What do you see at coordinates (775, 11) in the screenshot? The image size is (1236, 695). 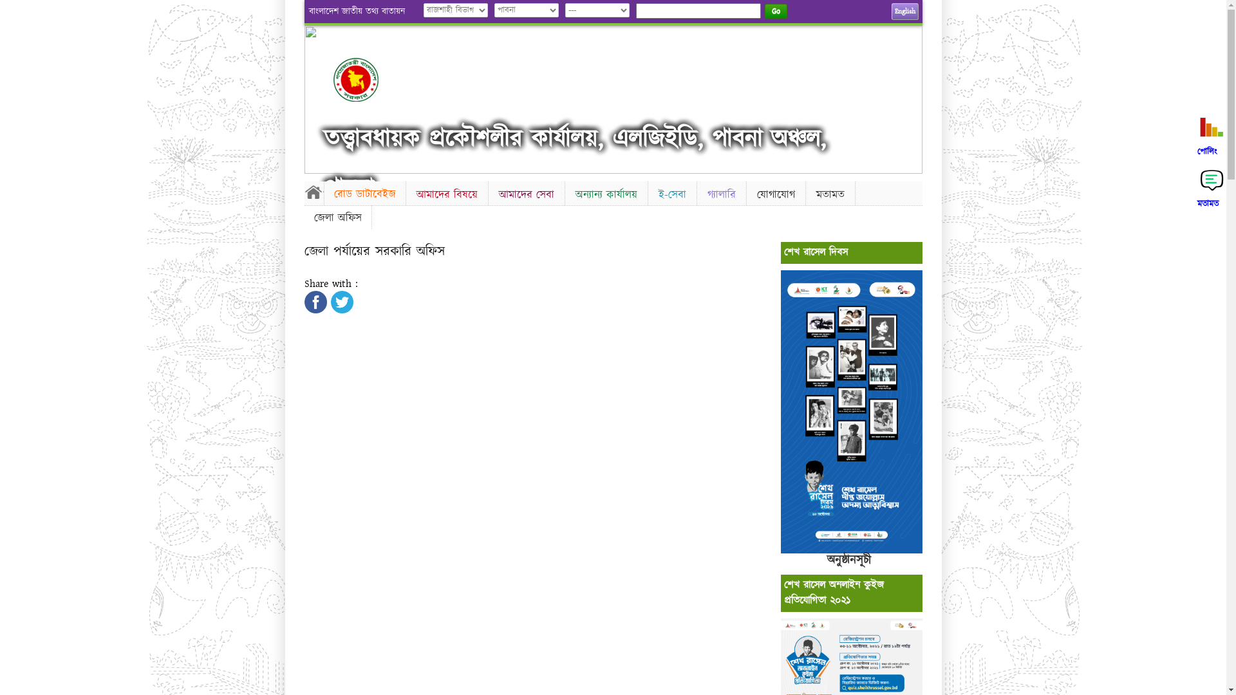 I see `'Go'` at bounding box center [775, 11].